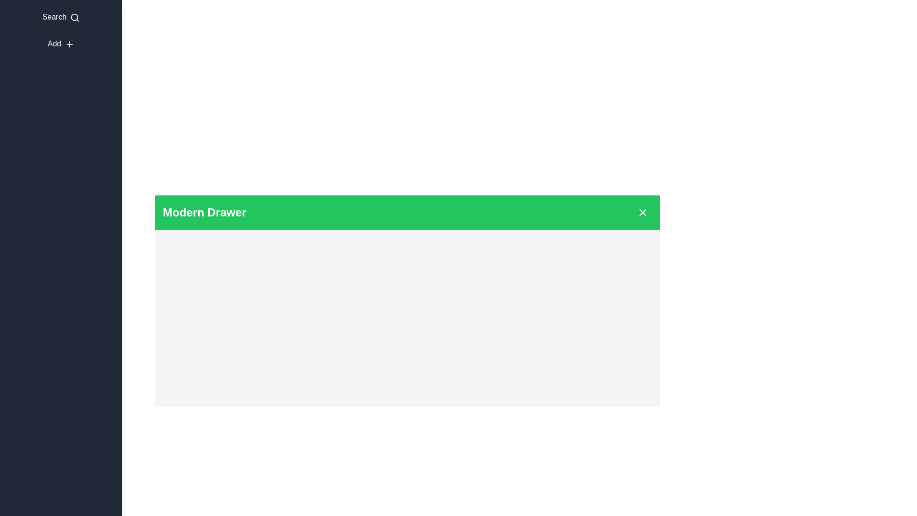 Image resolution: width=917 pixels, height=516 pixels. What do you see at coordinates (54, 17) in the screenshot?
I see `the 'Search' text label located in the top-left corner of the interface, which is part of a vertical navigation bar and positioned to the left of a magnifying glass icon` at bounding box center [54, 17].